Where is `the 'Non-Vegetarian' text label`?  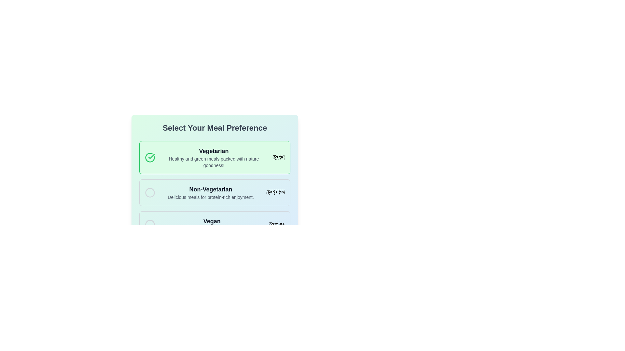
the 'Non-Vegetarian' text label is located at coordinates (211, 189).